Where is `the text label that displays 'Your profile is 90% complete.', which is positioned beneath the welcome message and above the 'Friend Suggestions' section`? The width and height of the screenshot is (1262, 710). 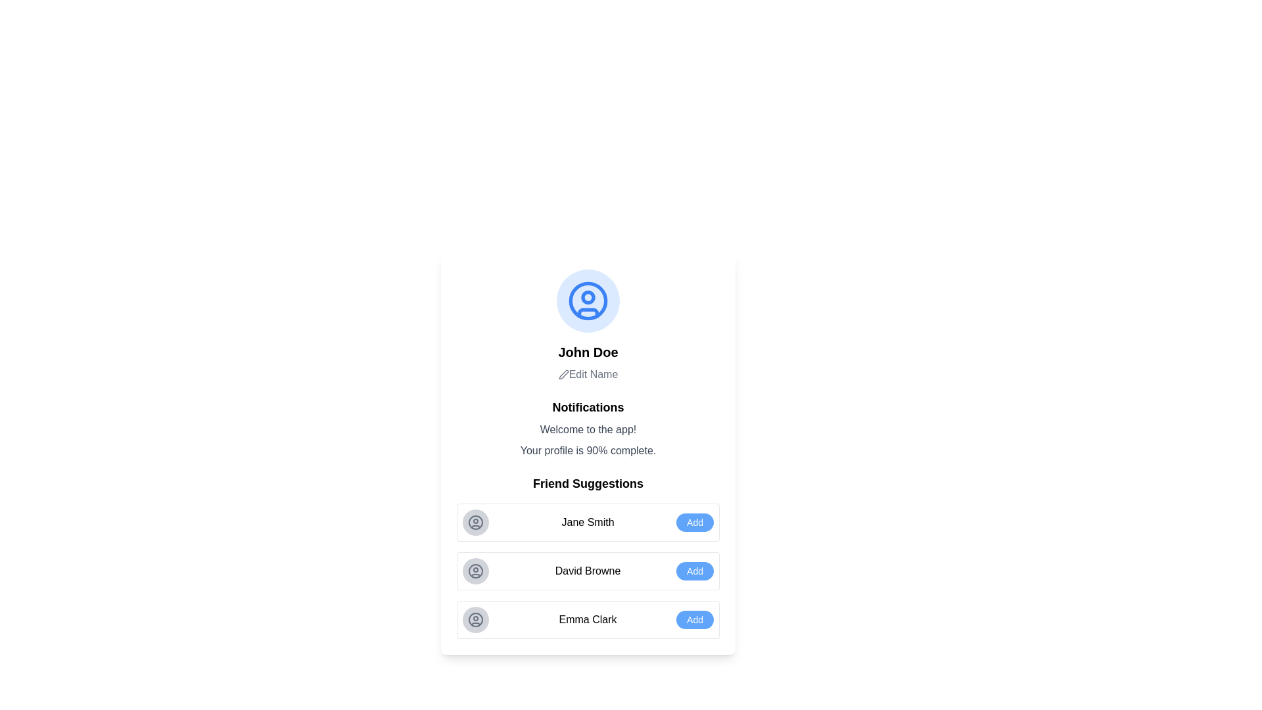
the text label that displays 'Your profile is 90% complete.', which is positioned beneath the welcome message and above the 'Friend Suggestions' section is located at coordinates (587, 450).